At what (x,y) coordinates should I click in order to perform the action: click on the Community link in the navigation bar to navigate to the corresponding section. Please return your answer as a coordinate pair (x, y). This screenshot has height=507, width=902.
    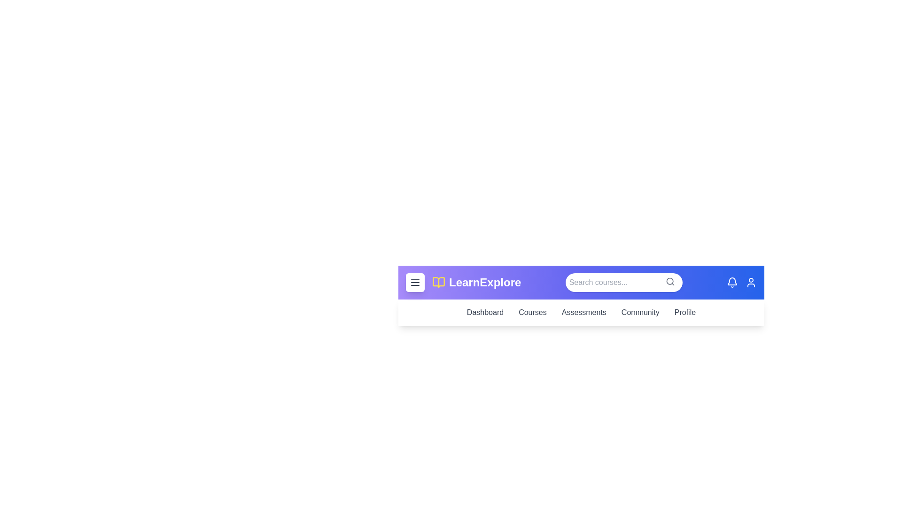
    Looking at the image, I should click on (640, 313).